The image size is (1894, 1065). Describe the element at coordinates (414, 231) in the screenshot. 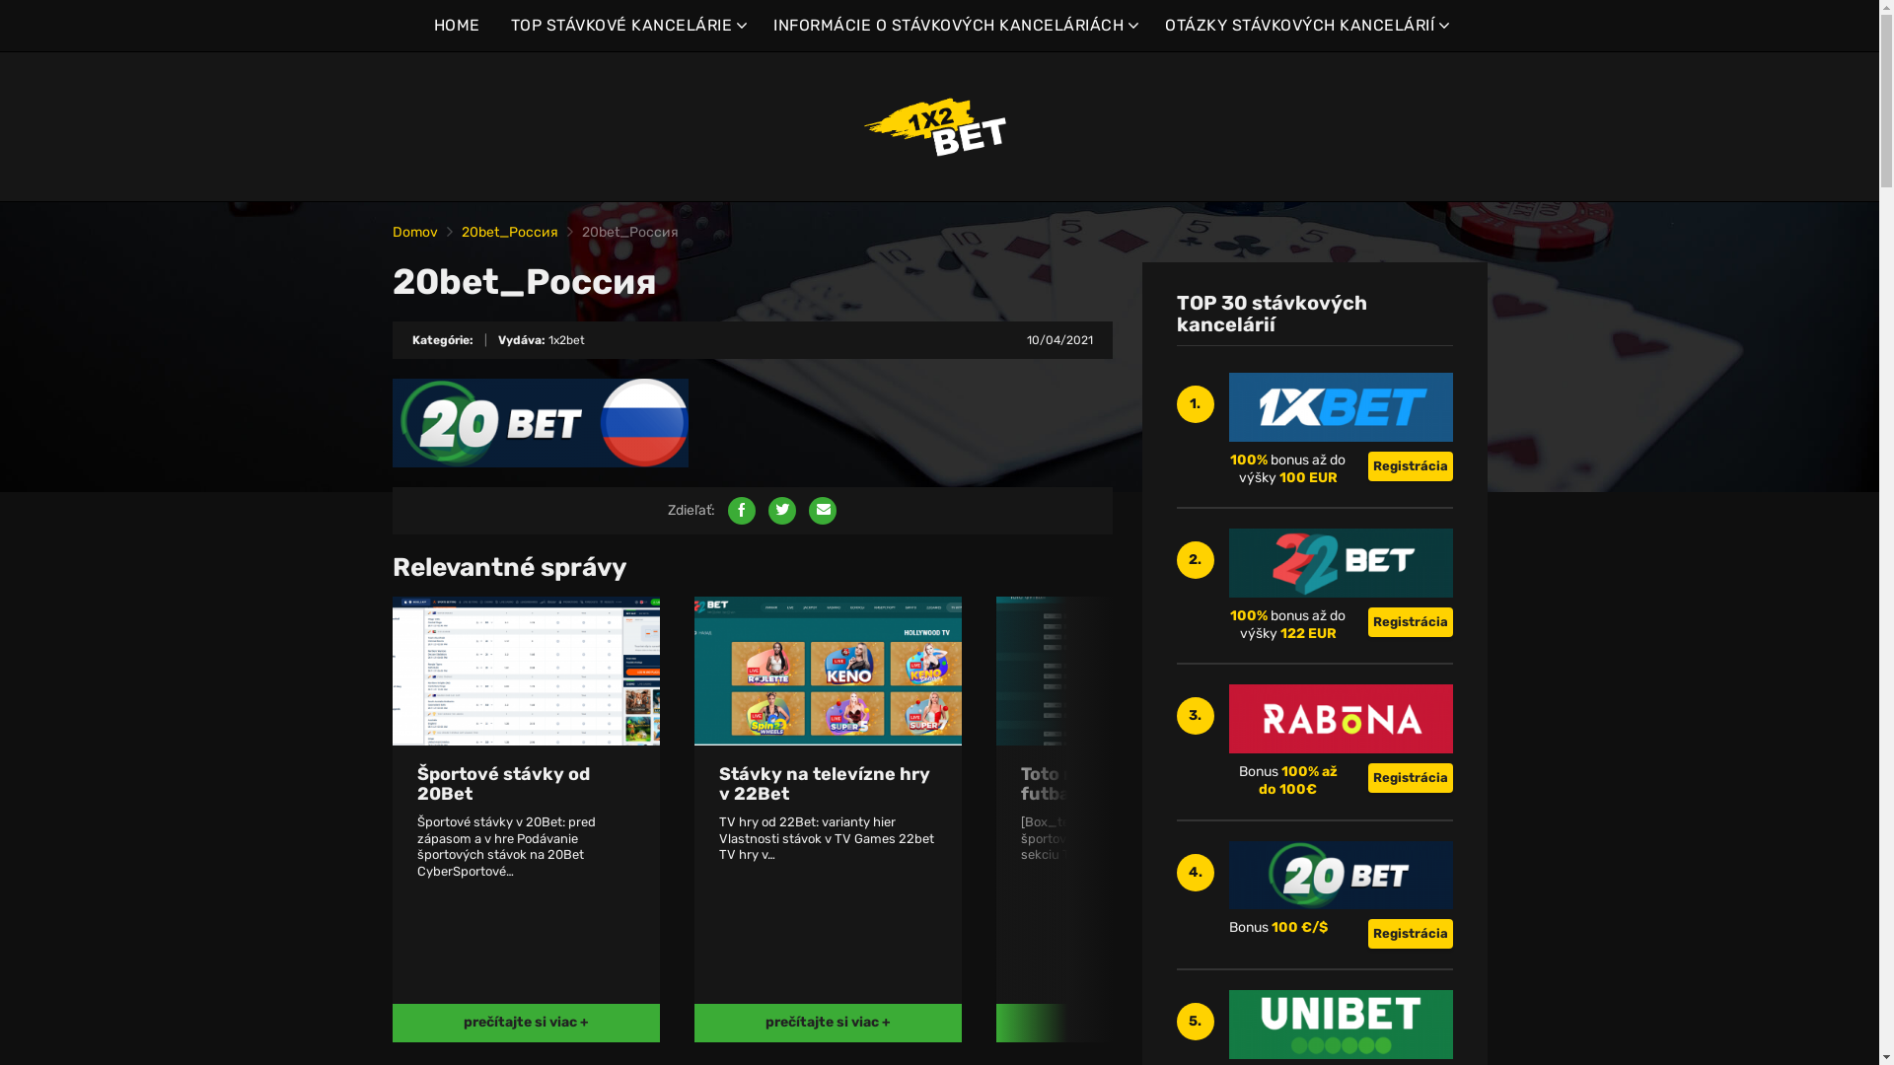

I see `'Domov'` at that location.